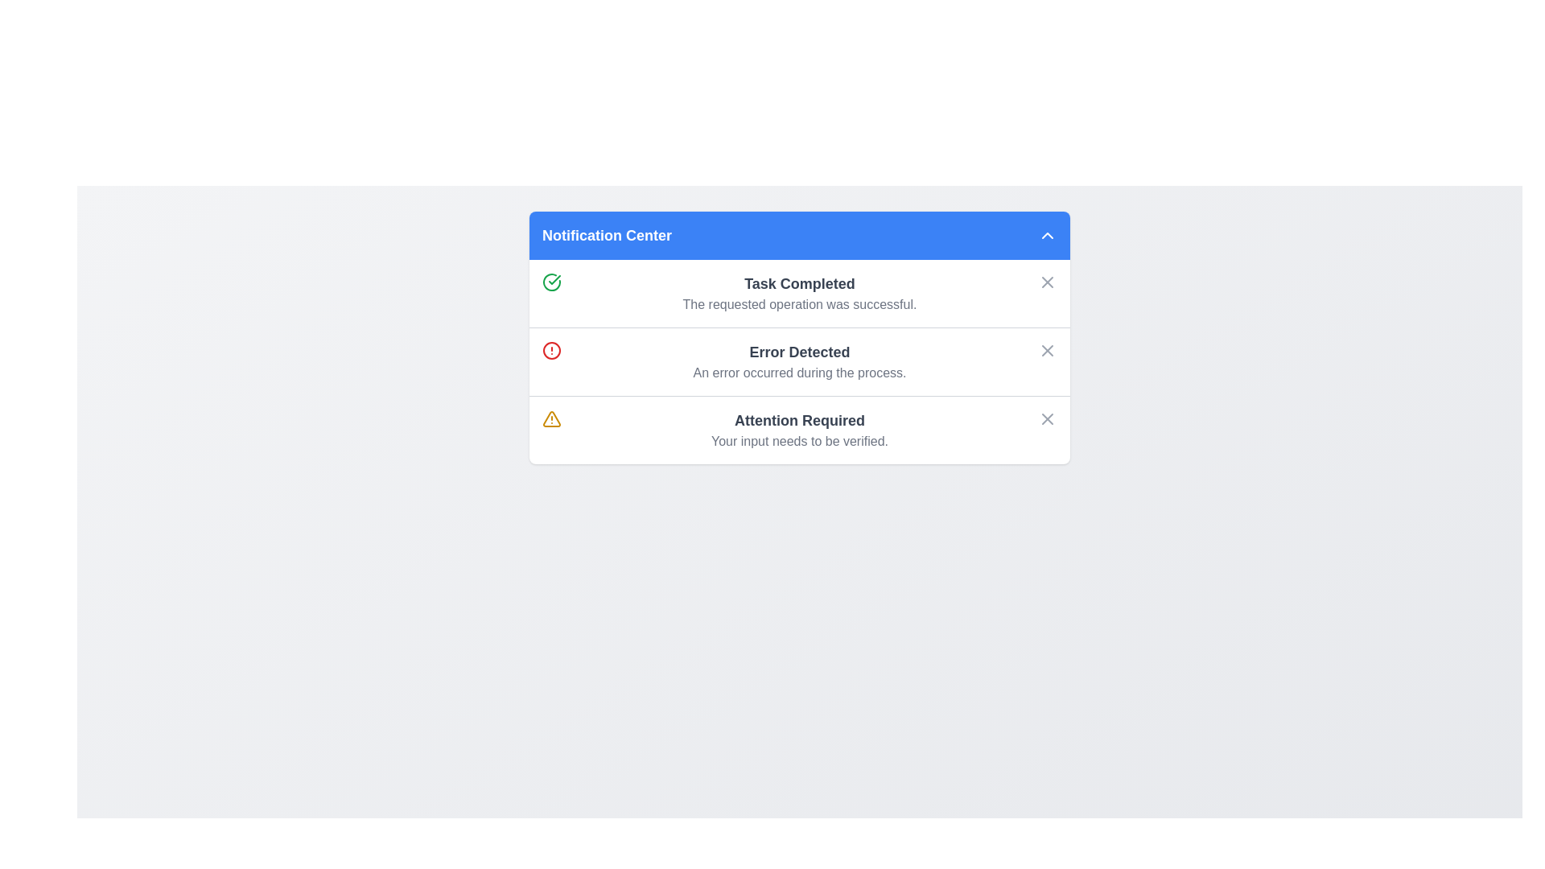  What do you see at coordinates (799, 283) in the screenshot?
I see `text from the status message Text Label indicating successful completion of a task located in the Notification Center` at bounding box center [799, 283].